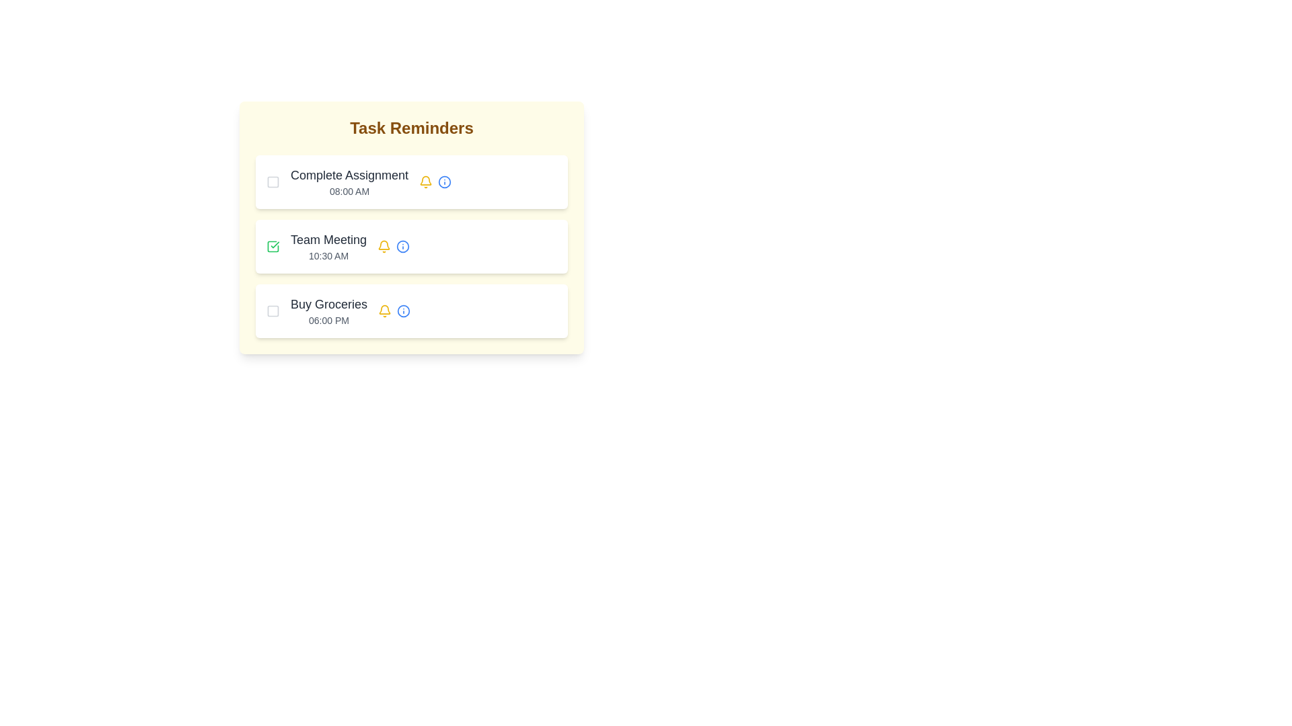 This screenshot has width=1292, height=726. Describe the element at coordinates (393, 311) in the screenshot. I see `the yellow bell icon located on the right side of the 'Buy Groceries' task row in the task reminder list` at that location.